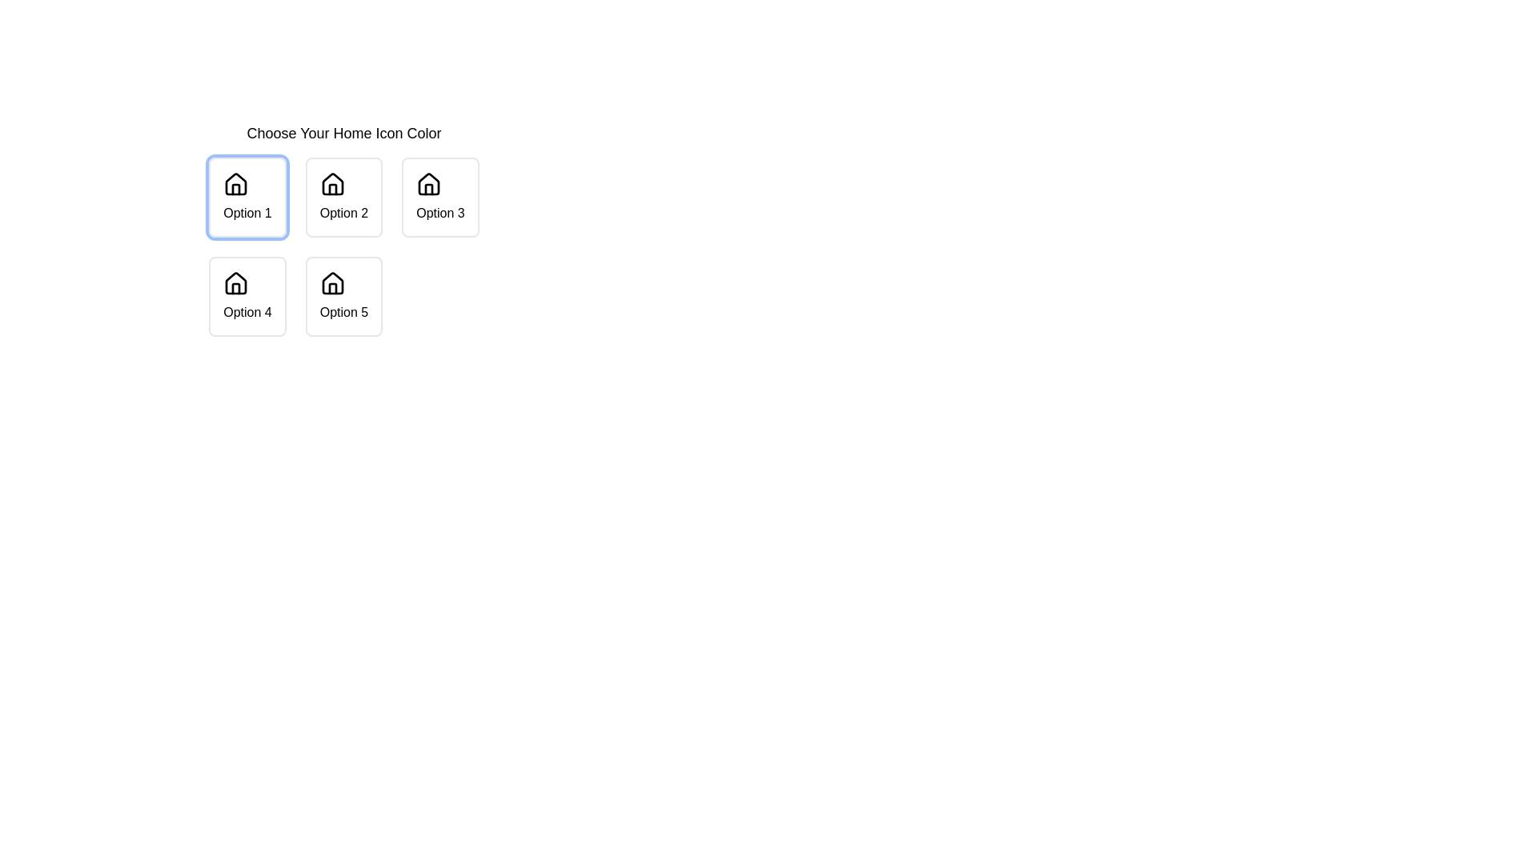 The height and width of the screenshot is (864, 1537). Describe the element at coordinates (235, 282) in the screenshot. I see `the house icon, which is a minimalistic graphical representation with a triangular roof and rectangular base, located in the first row and first column of a 3x2 grid layout` at that location.